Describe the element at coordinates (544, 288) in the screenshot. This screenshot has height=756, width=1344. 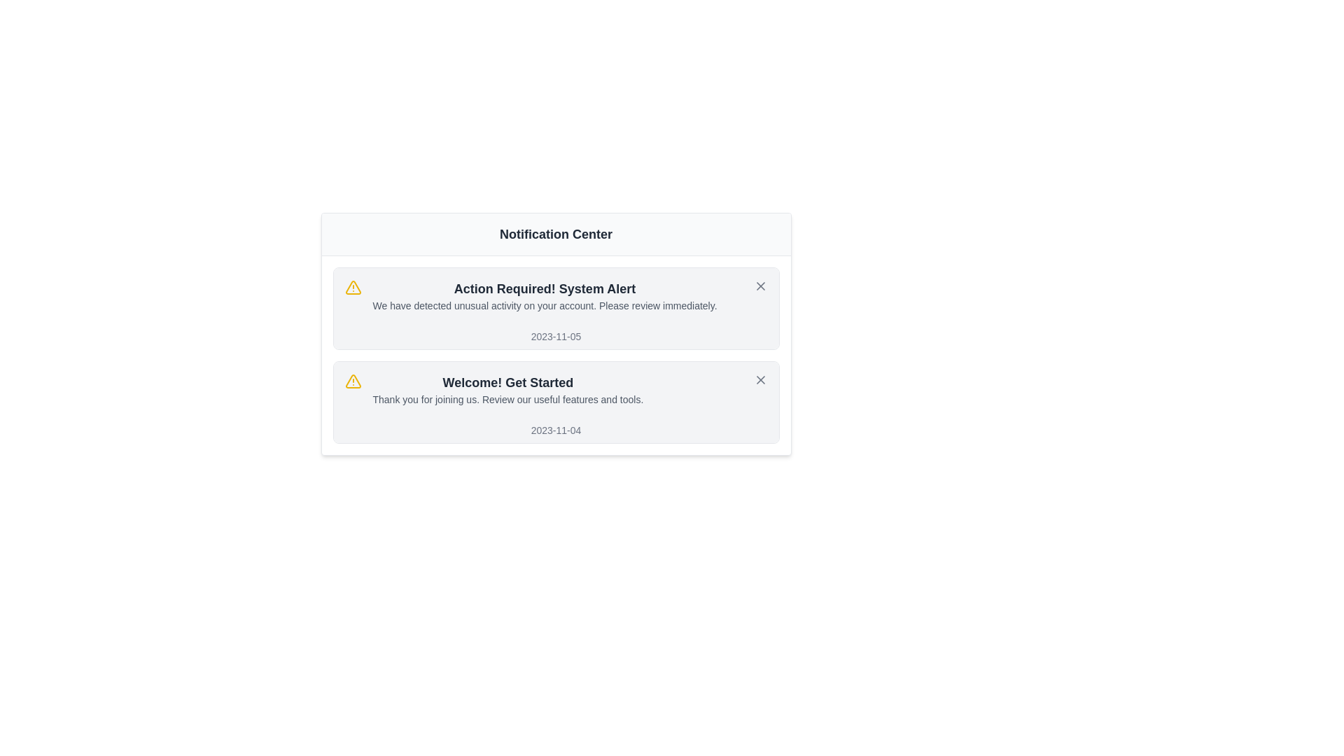
I see `the text label stating 'Action Required! System Alert' which is bold and dark gray, located in the first notification card below the 'Notification Center' header to potentially reveal a tooltip` at that location.